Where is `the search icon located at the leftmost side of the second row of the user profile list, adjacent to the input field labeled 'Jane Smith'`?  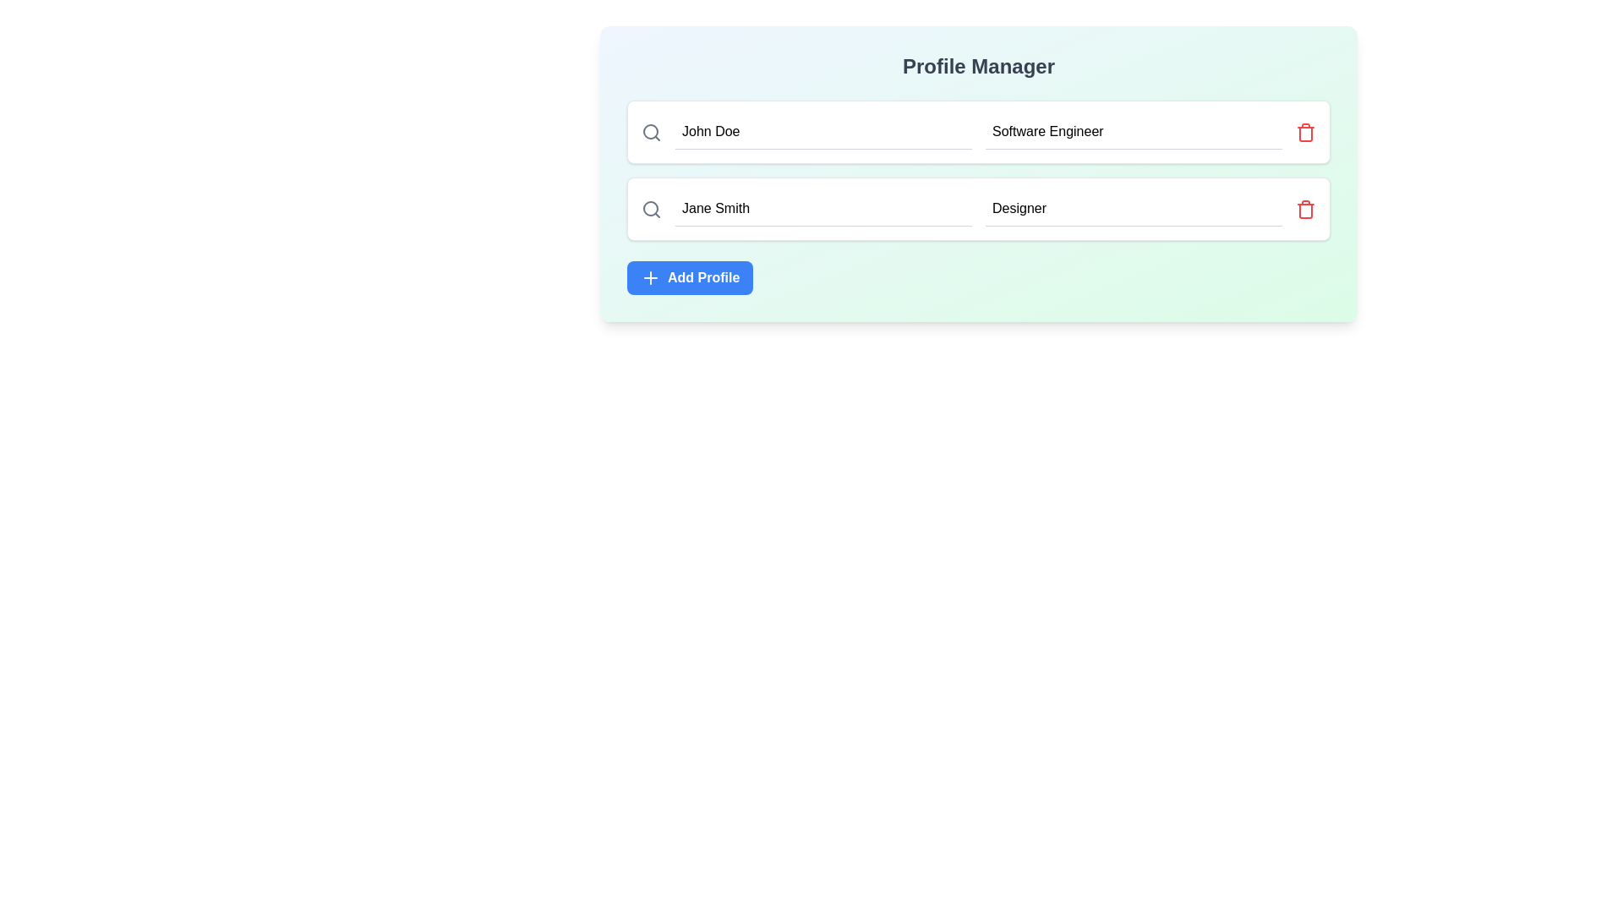 the search icon located at the leftmost side of the second row of the user profile list, adjacent to the input field labeled 'Jane Smith' is located at coordinates (651, 208).